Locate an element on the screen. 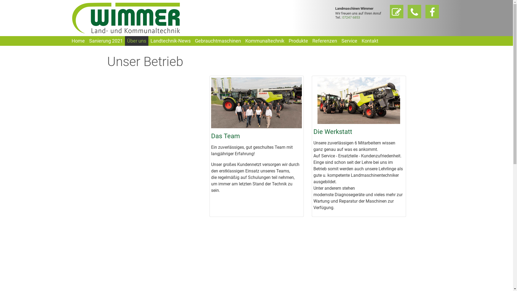  'Produkte' is located at coordinates (298, 40).